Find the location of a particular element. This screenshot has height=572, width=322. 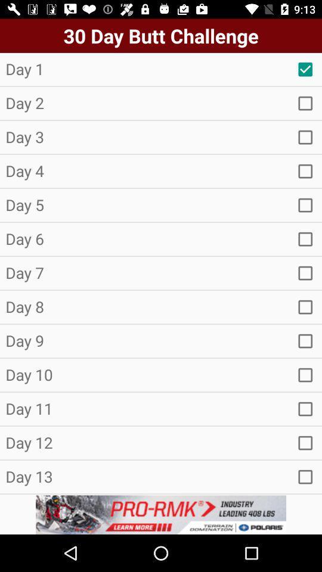

choose day 11 is located at coordinates (305, 409).